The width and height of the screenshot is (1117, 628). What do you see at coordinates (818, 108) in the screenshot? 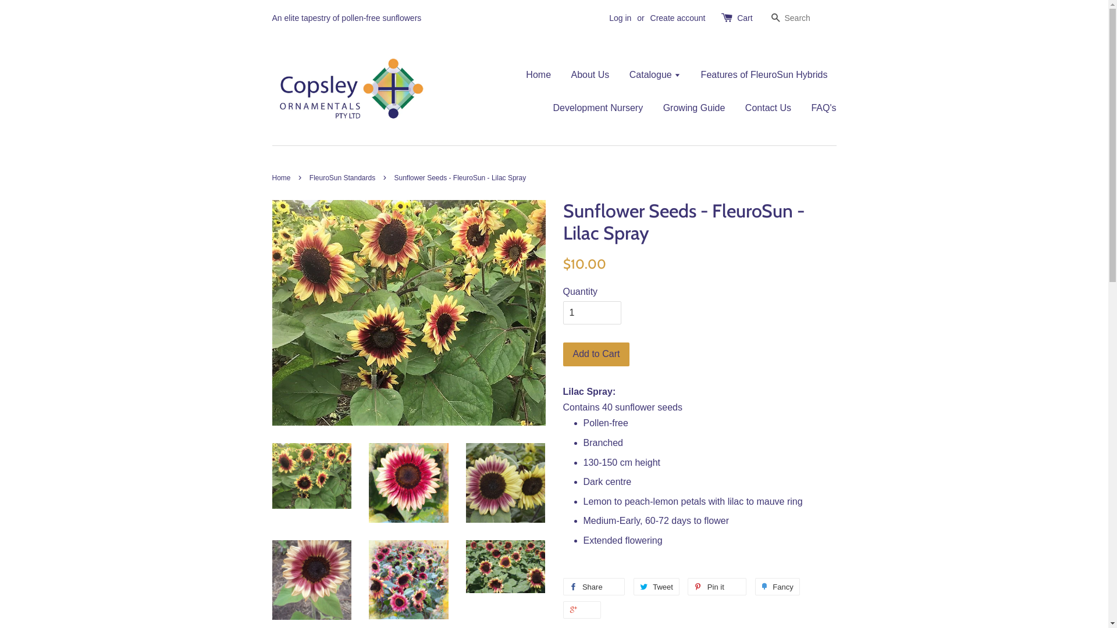
I see `'FAQ's'` at bounding box center [818, 108].